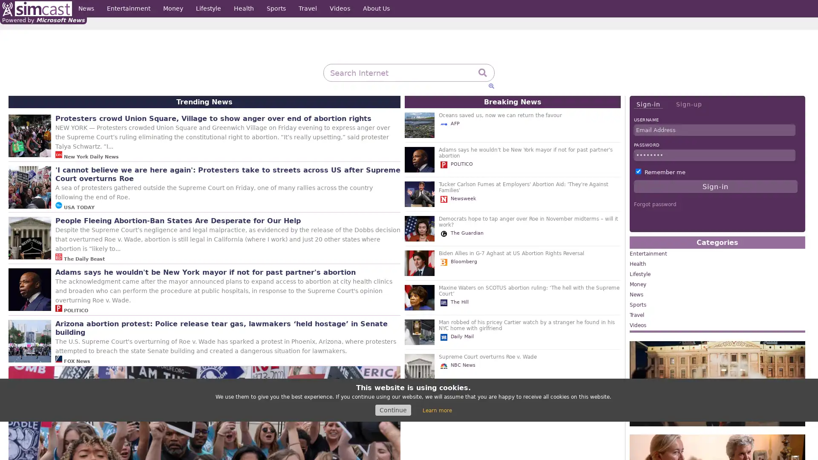 The width and height of the screenshot is (818, 460). I want to click on Sign-up, so click(688, 104).